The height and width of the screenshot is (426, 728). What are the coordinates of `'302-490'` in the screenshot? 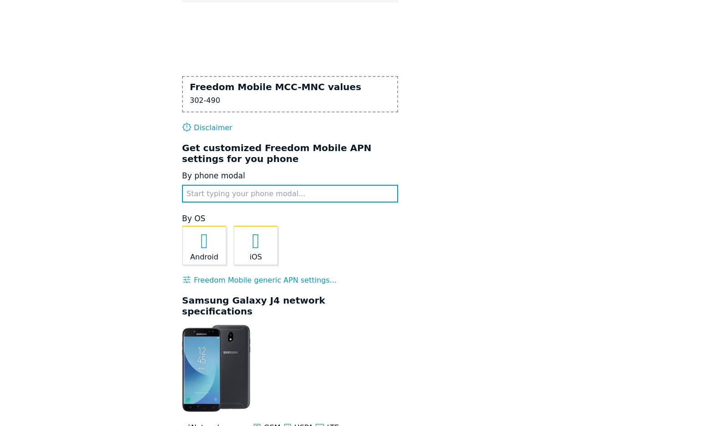 It's located at (189, 100).